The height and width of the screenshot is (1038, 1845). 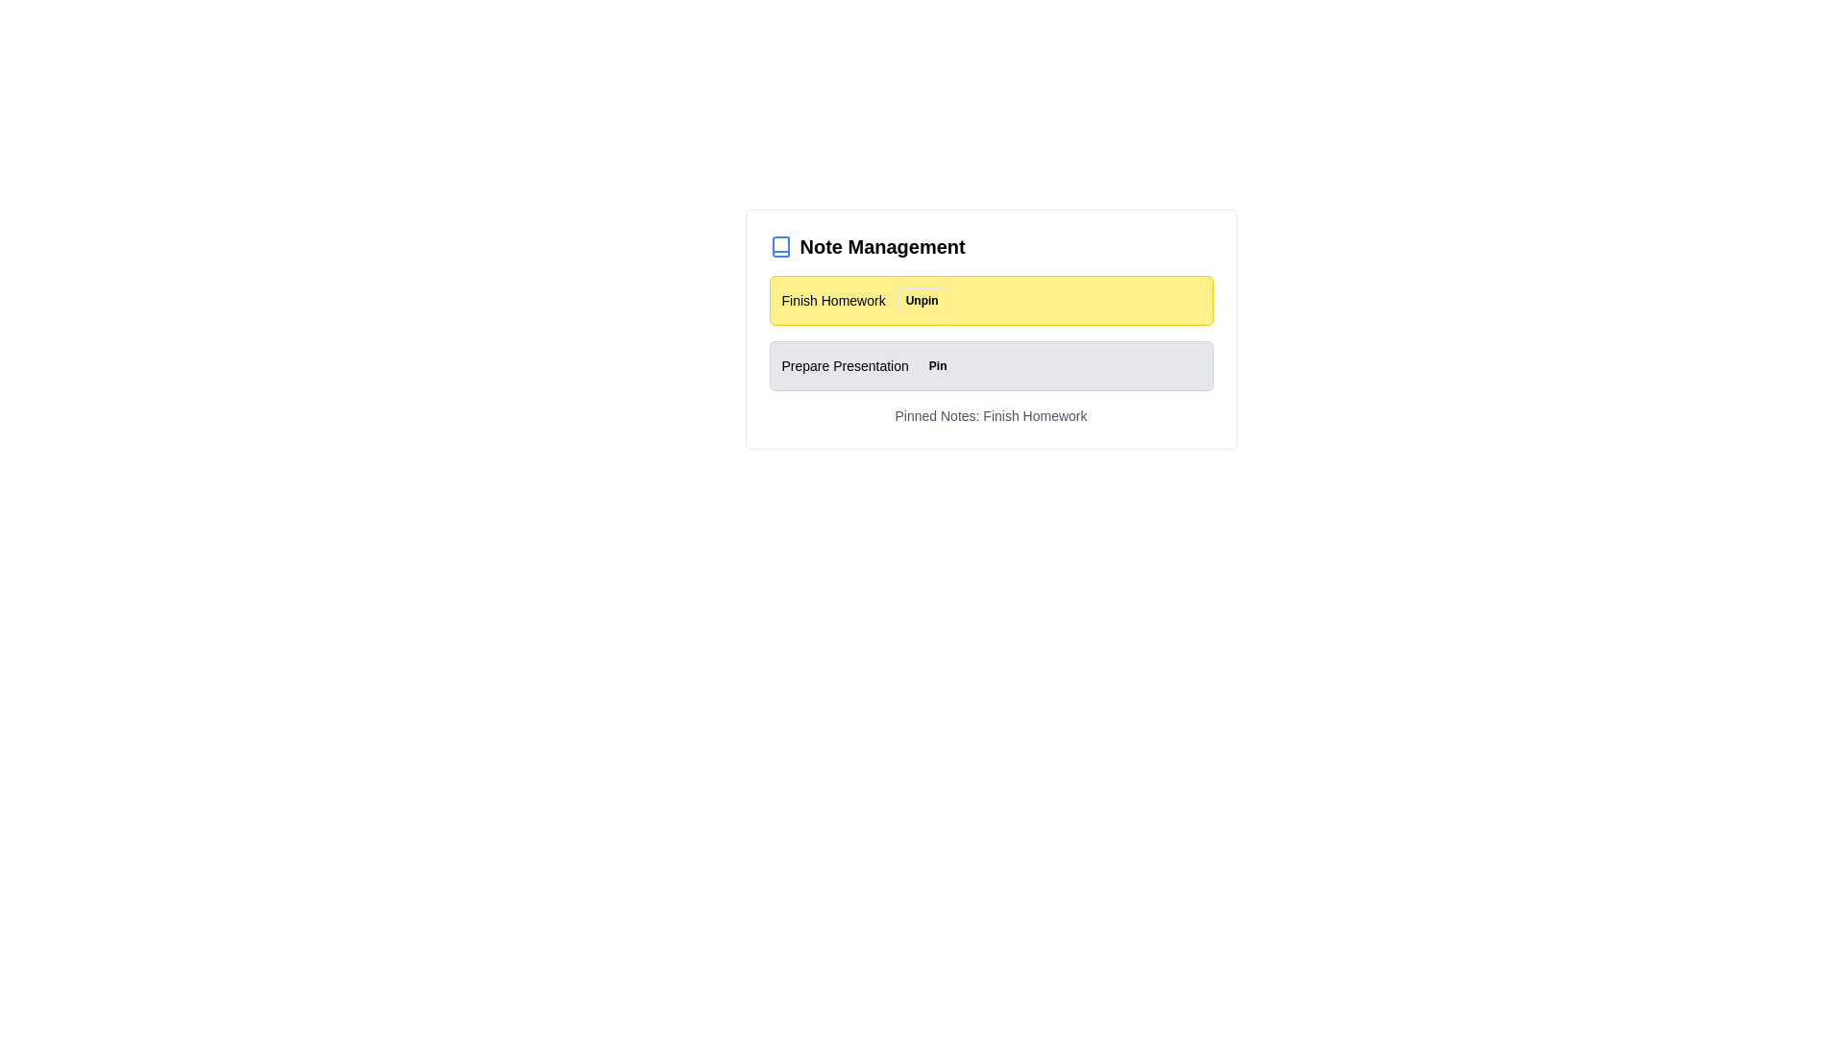 I want to click on the note labeled 'Finish Homework' to observe visual feedback, so click(x=833, y=300).